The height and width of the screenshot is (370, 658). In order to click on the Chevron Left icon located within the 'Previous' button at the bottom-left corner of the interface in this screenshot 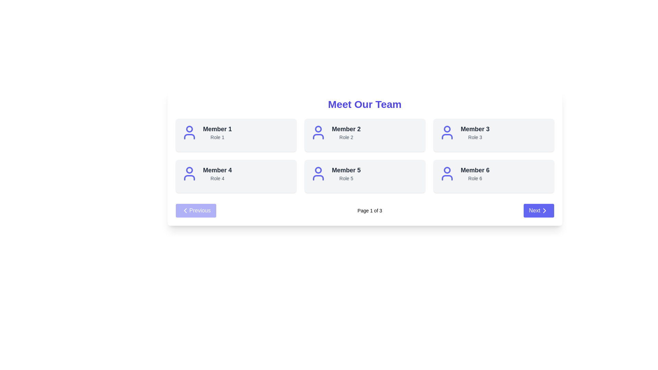, I will do `click(185, 210)`.